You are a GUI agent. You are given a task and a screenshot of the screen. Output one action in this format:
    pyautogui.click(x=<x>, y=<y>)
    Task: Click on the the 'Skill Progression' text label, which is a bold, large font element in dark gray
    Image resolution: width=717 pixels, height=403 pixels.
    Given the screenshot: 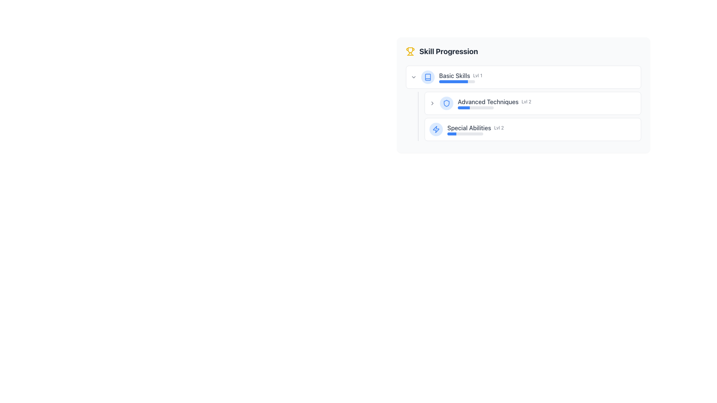 What is the action you would take?
    pyautogui.click(x=448, y=51)
    